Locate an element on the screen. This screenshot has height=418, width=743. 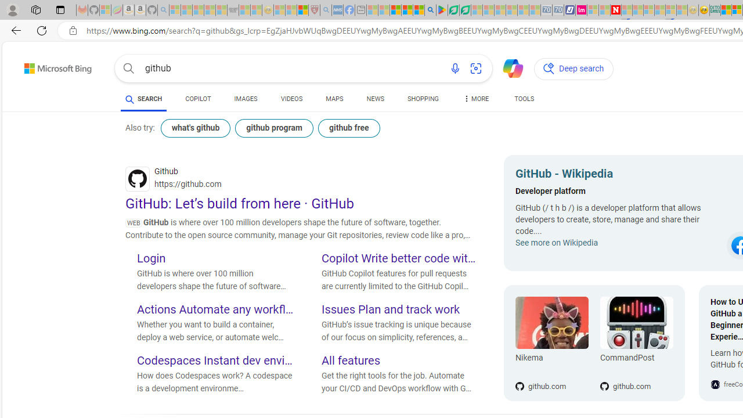
'COPILOT' is located at coordinates (198, 100).